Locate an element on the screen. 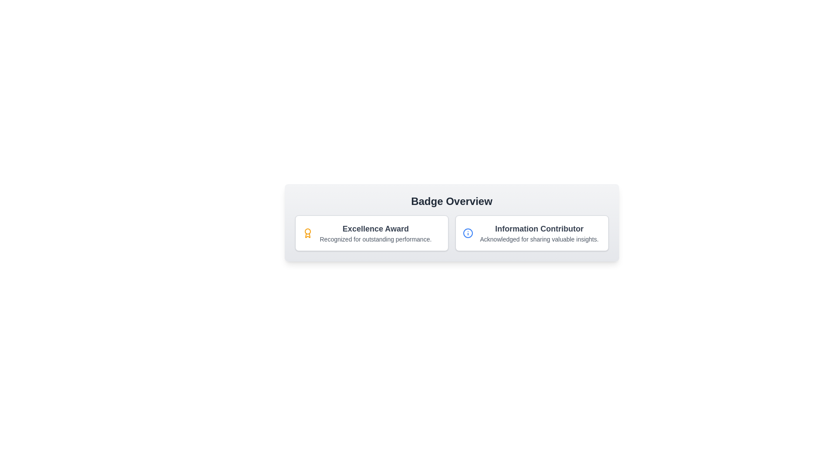 The image size is (836, 470). the 'Excellence Award' badge display element, which features a golden award icon and two lines of text is located at coordinates (371, 233).